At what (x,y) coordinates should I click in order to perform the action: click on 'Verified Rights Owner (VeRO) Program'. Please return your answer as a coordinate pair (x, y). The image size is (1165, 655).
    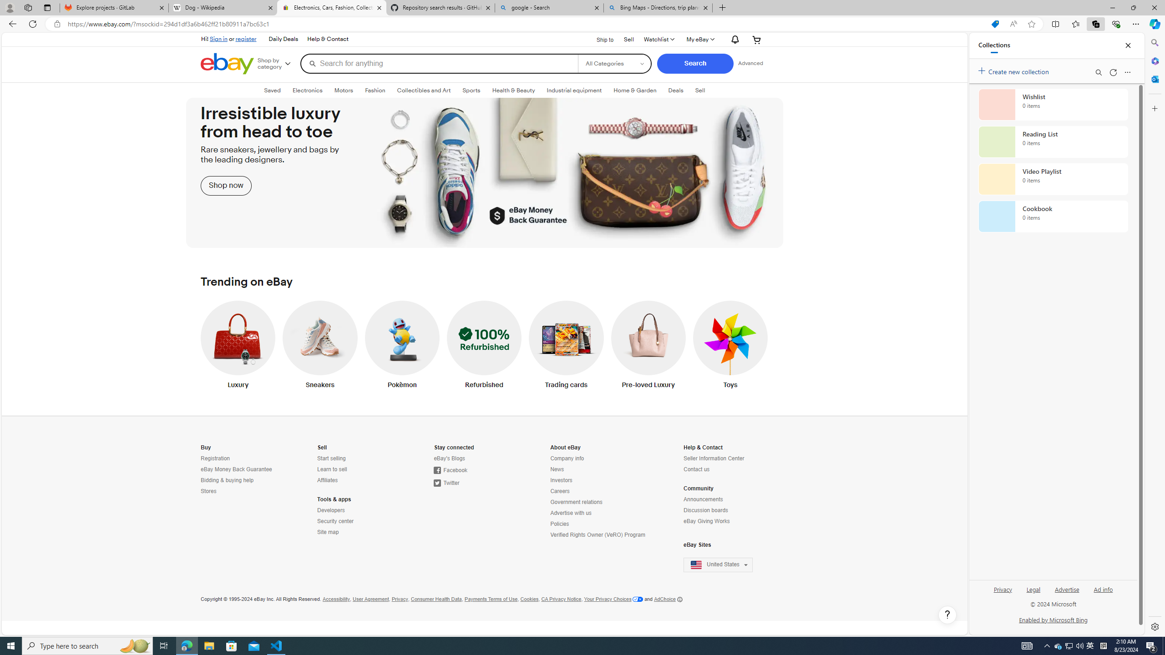
    Looking at the image, I should click on (598, 534).